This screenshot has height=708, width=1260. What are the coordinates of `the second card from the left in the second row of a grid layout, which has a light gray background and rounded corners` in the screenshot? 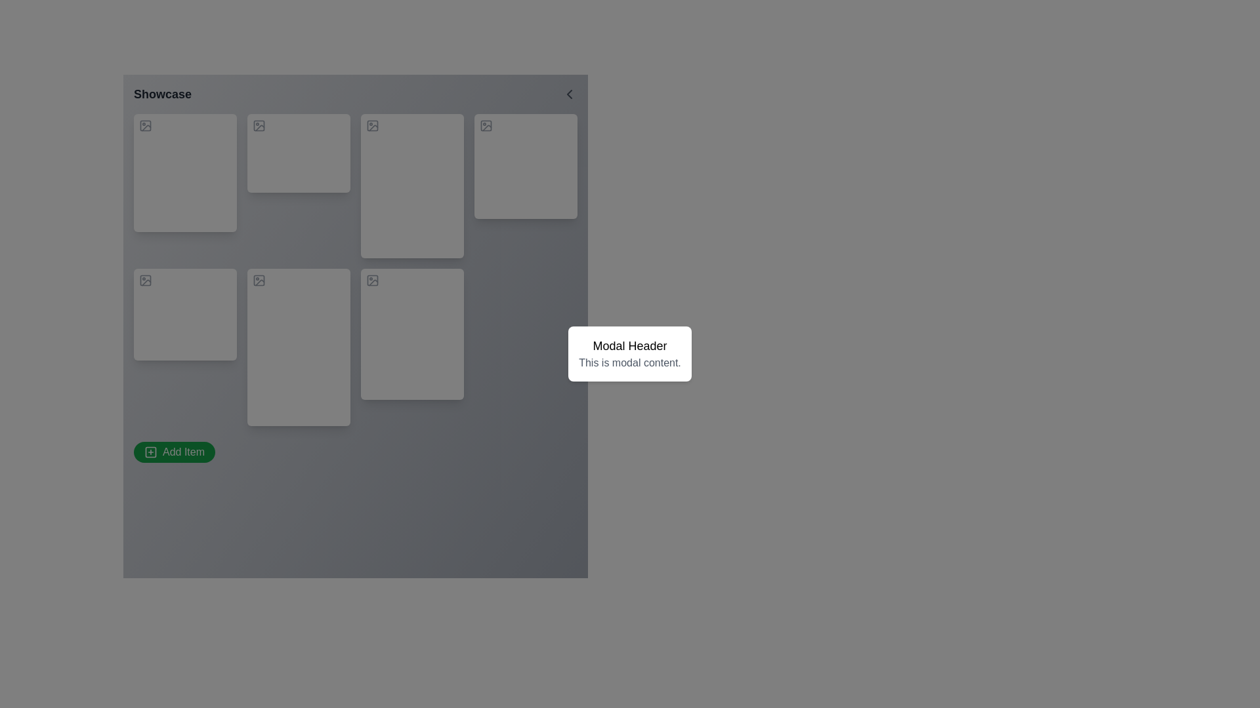 It's located at (298, 346).